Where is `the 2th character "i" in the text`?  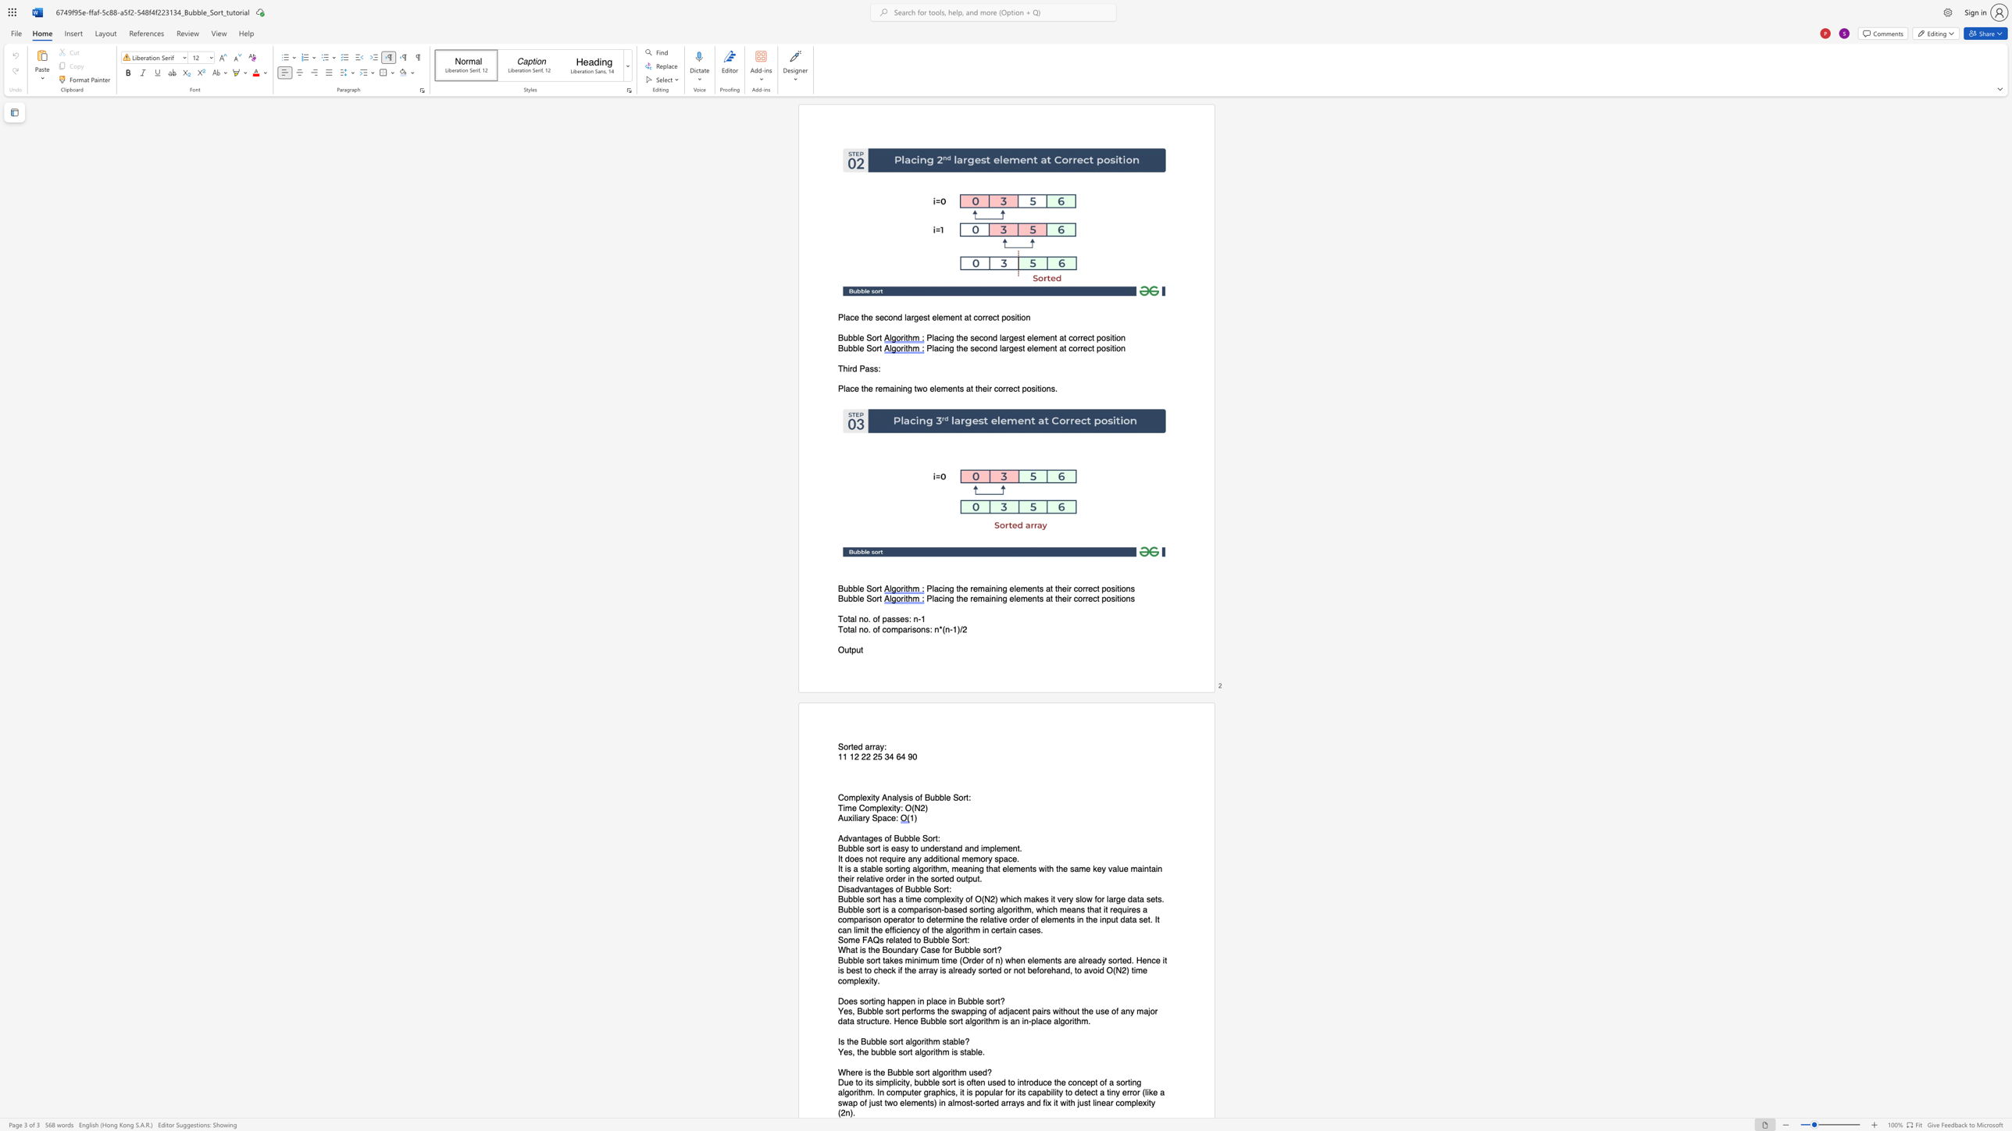 the 2th character "i" in the text is located at coordinates (880, 1083).